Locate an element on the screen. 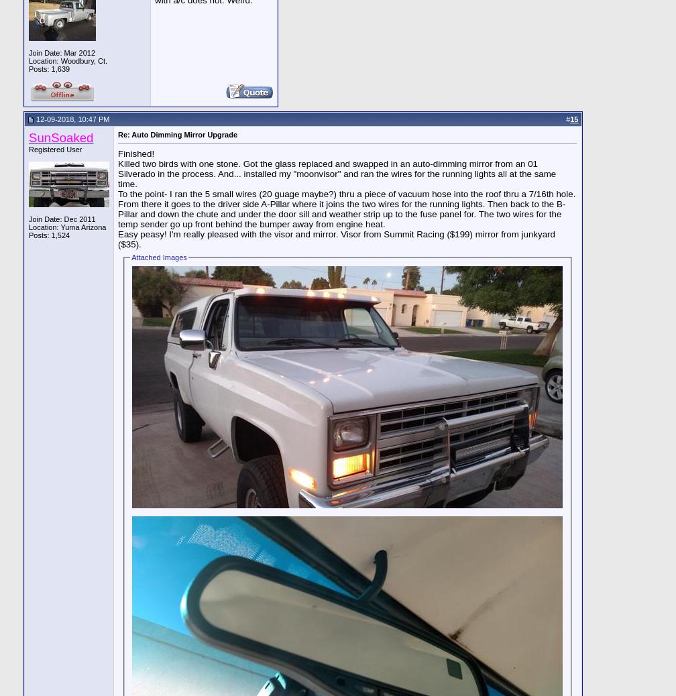 The width and height of the screenshot is (676, 696). 'Re: Auto Dimming Mirror Upgrade' is located at coordinates (117, 133).